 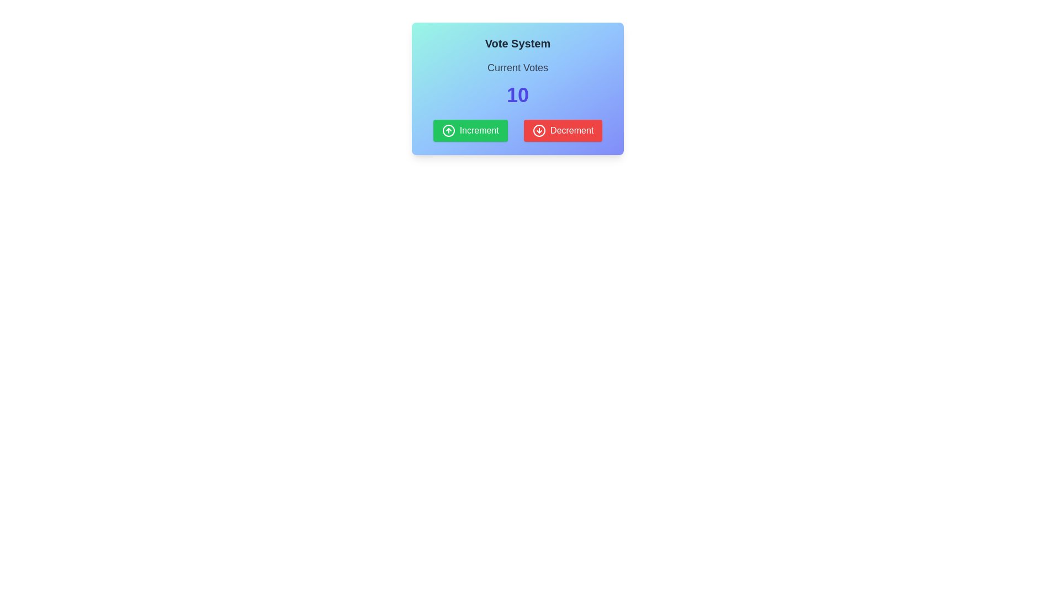 I want to click on the Text display that shows the current vote count, located centrally within the 'Vote System' card, directly below 'Current Votes', so click(x=517, y=95).